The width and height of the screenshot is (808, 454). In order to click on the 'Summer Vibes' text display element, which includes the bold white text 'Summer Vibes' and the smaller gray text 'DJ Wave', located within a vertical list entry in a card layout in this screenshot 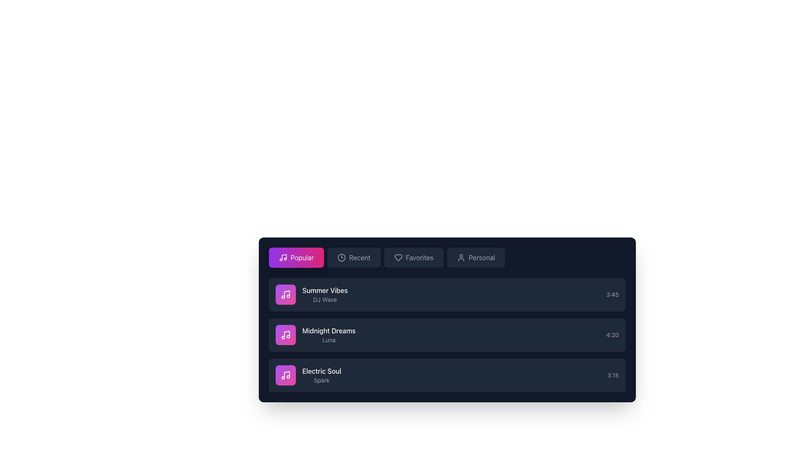, I will do `click(324, 294)`.